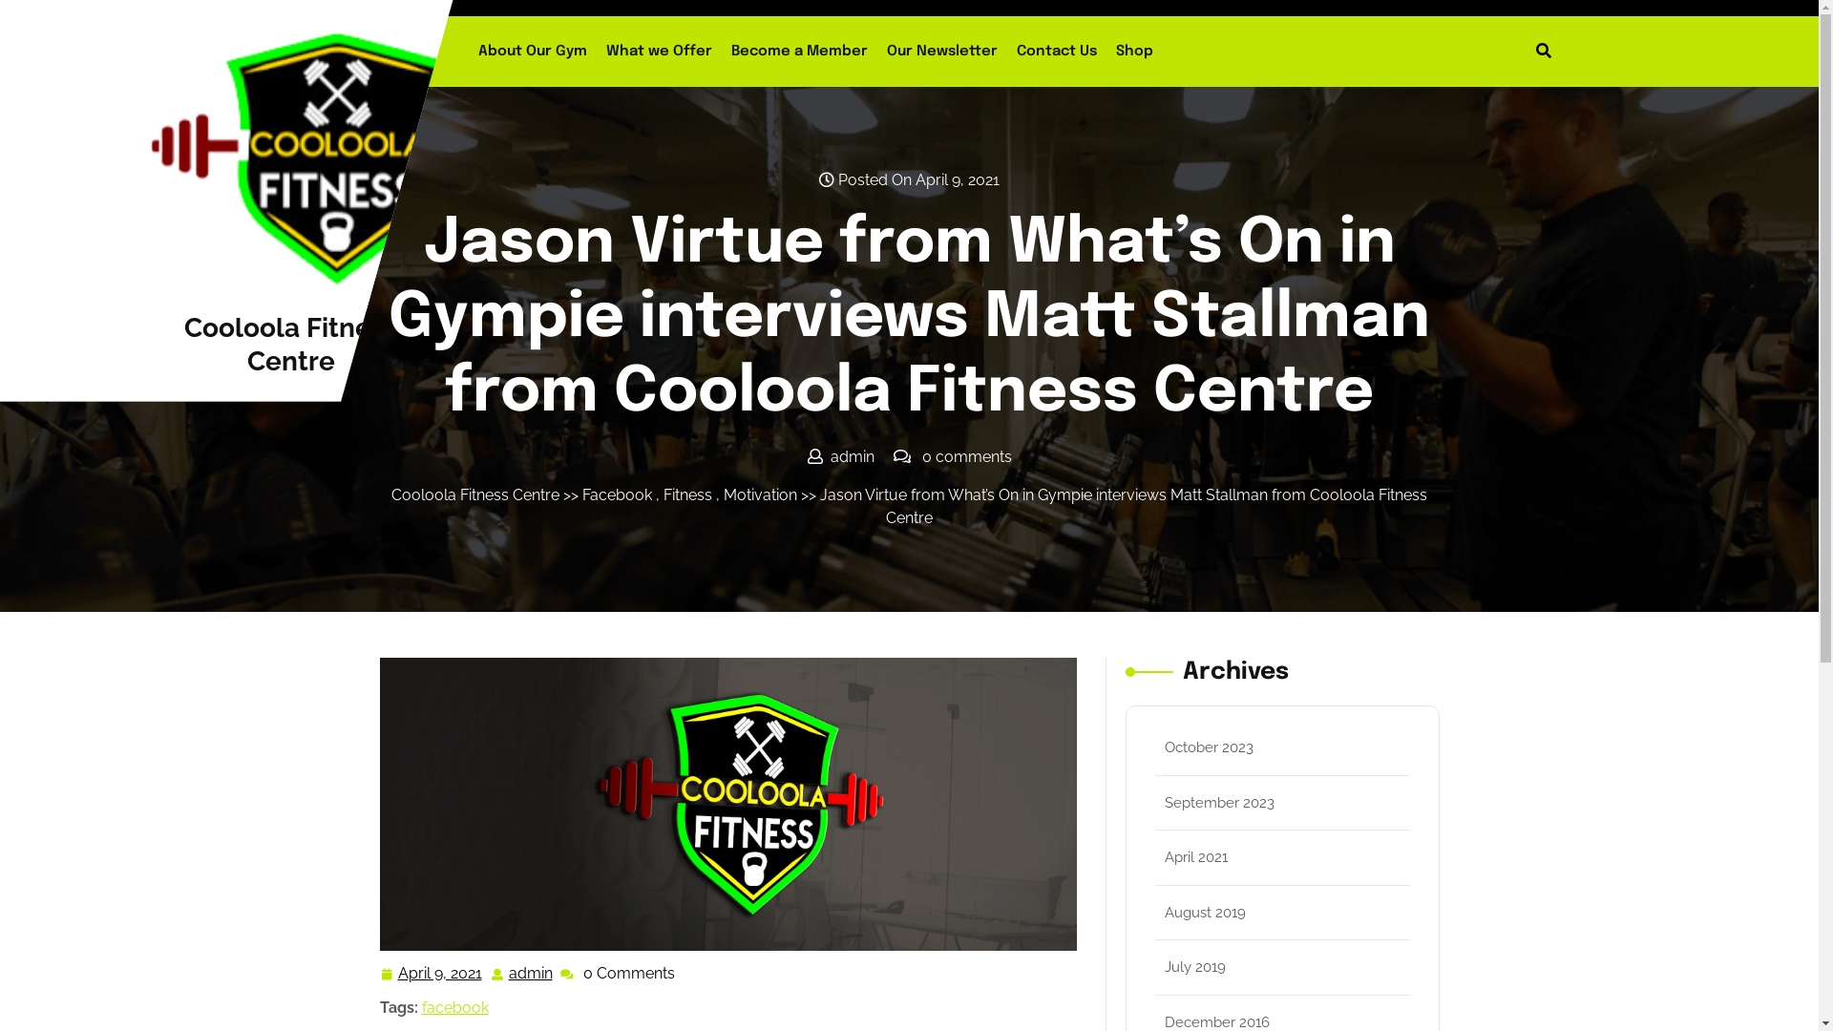 This screenshot has width=1833, height=1031. I want to click on 'Contact Us', so click(1056, 50).